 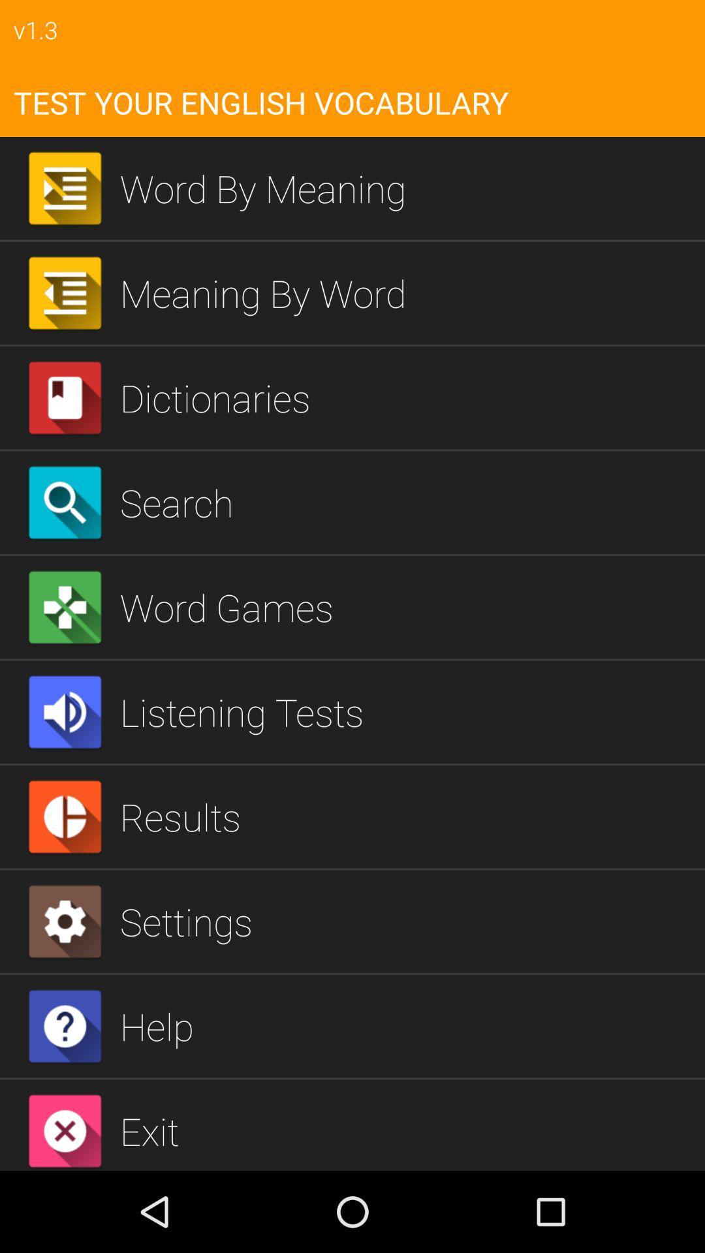 I want to click on the app above the settings icon, so click(x=407, y=816).